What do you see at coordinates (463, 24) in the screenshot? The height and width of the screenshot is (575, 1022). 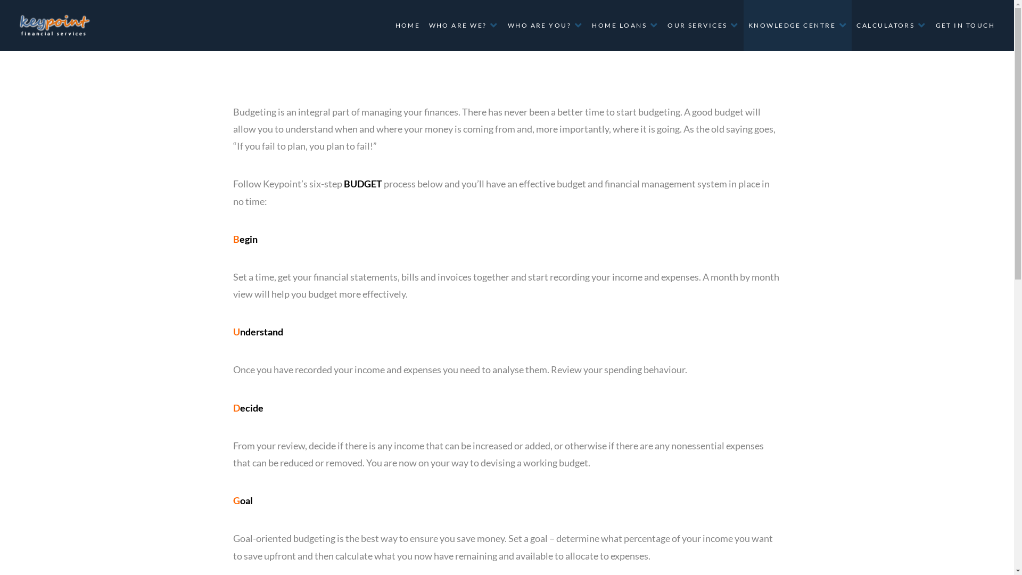 I see `'WHO ARE WE?'` at bounding box center [463, 24].